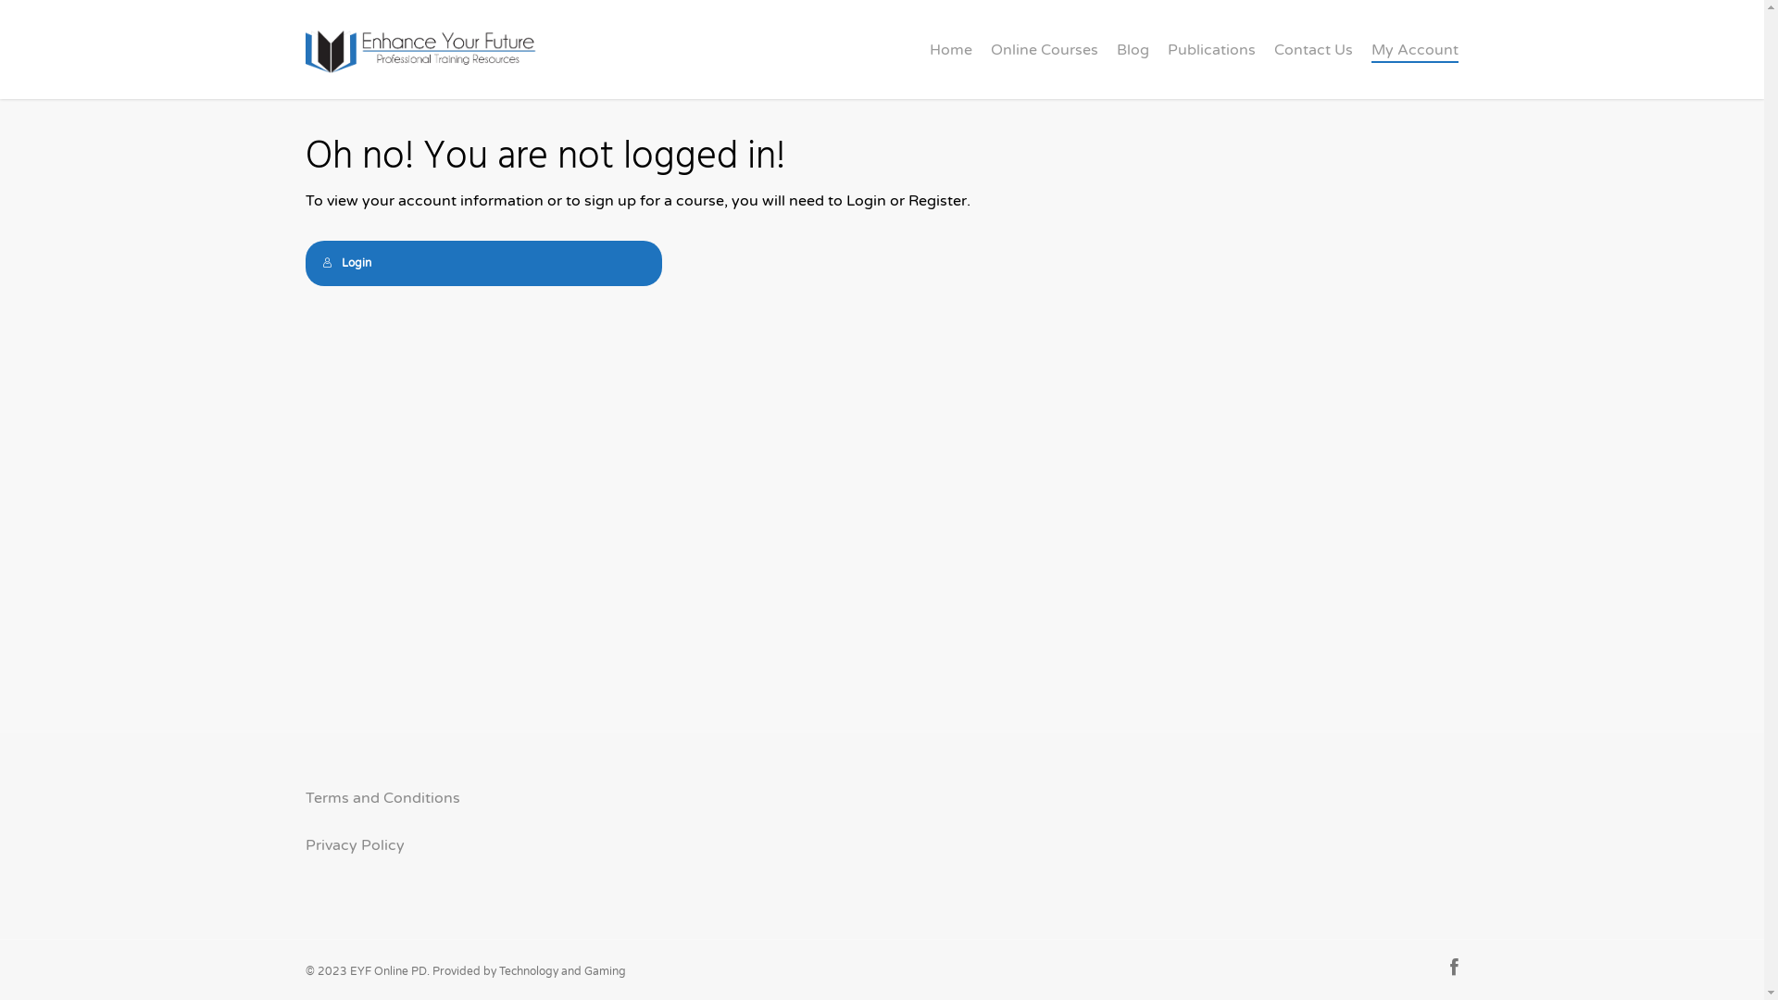 The width and height of the screenshot is (1778, 1000). What do you see at coordinates (951, 49) in the screenshot?
I see `'Home'` at bounding box center [951, 49].